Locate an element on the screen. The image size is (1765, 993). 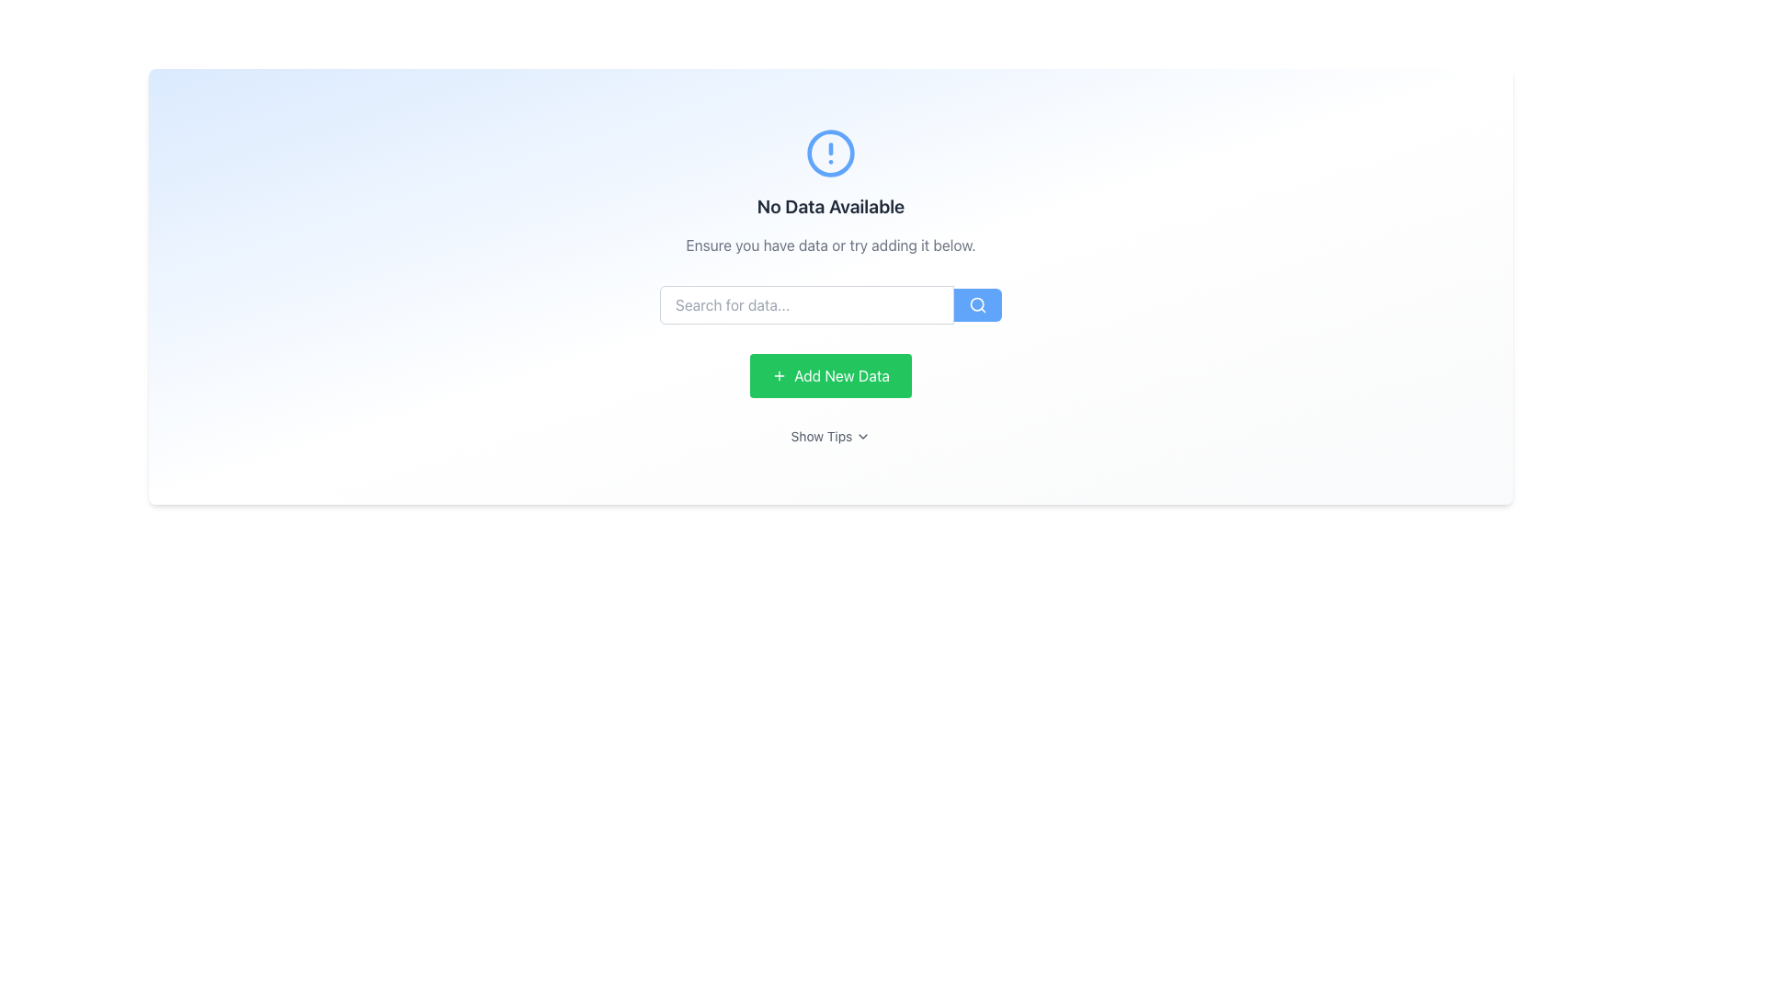
the small green plus icon located on the left side of the 'Add New Data' button is located at coordinates (780, 374).